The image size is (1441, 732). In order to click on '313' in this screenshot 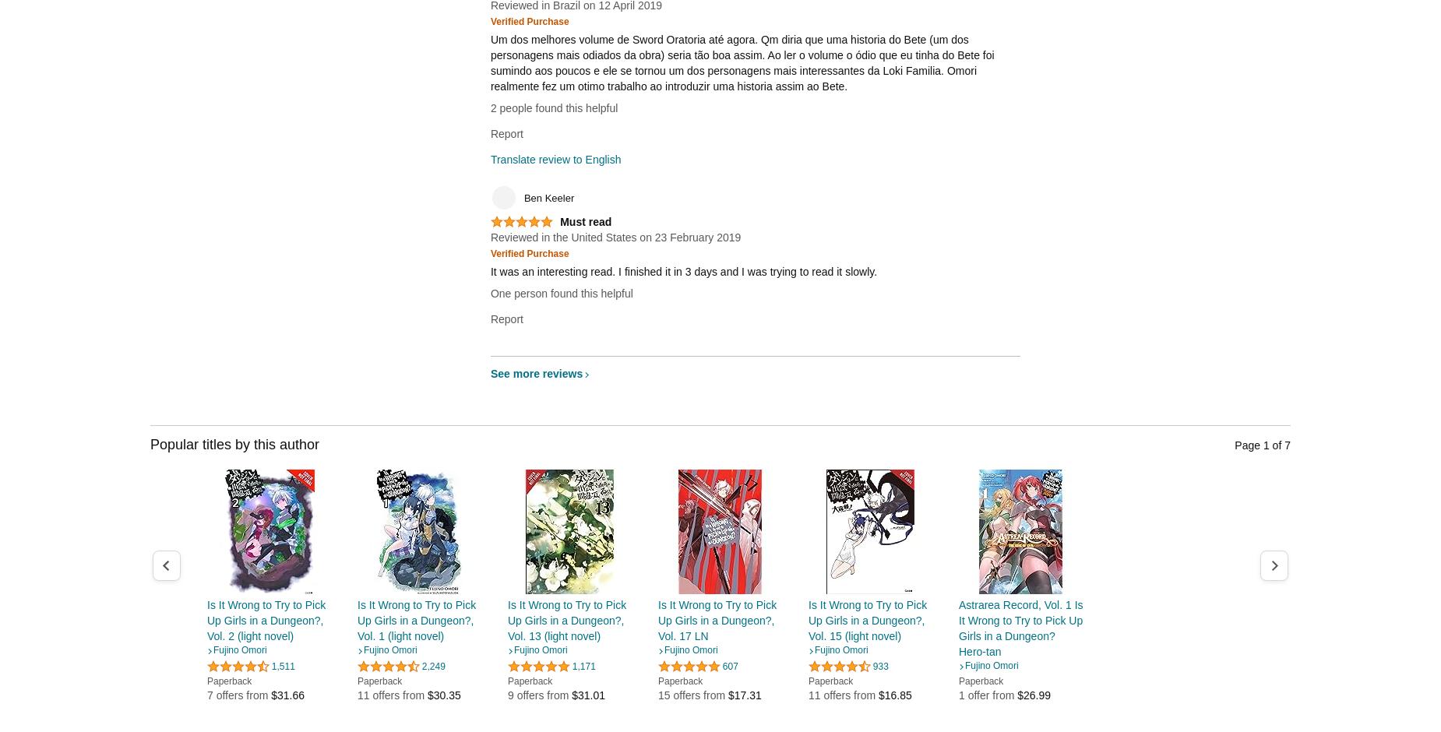, I will do `click(1173, 681)`.